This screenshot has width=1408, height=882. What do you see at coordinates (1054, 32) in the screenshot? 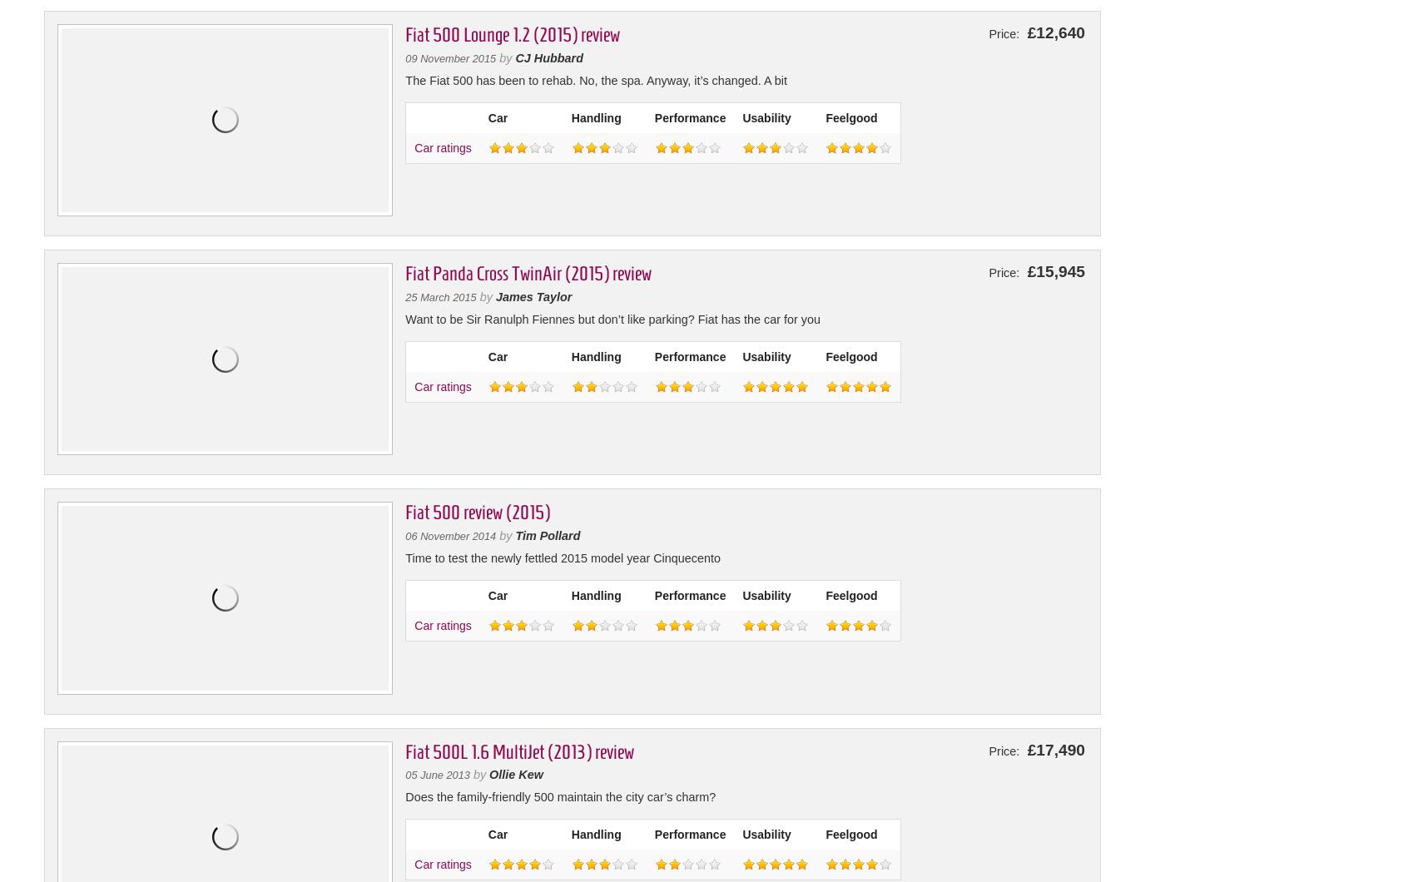
I see `'£12,640'` at bounding box center [1054, 32].